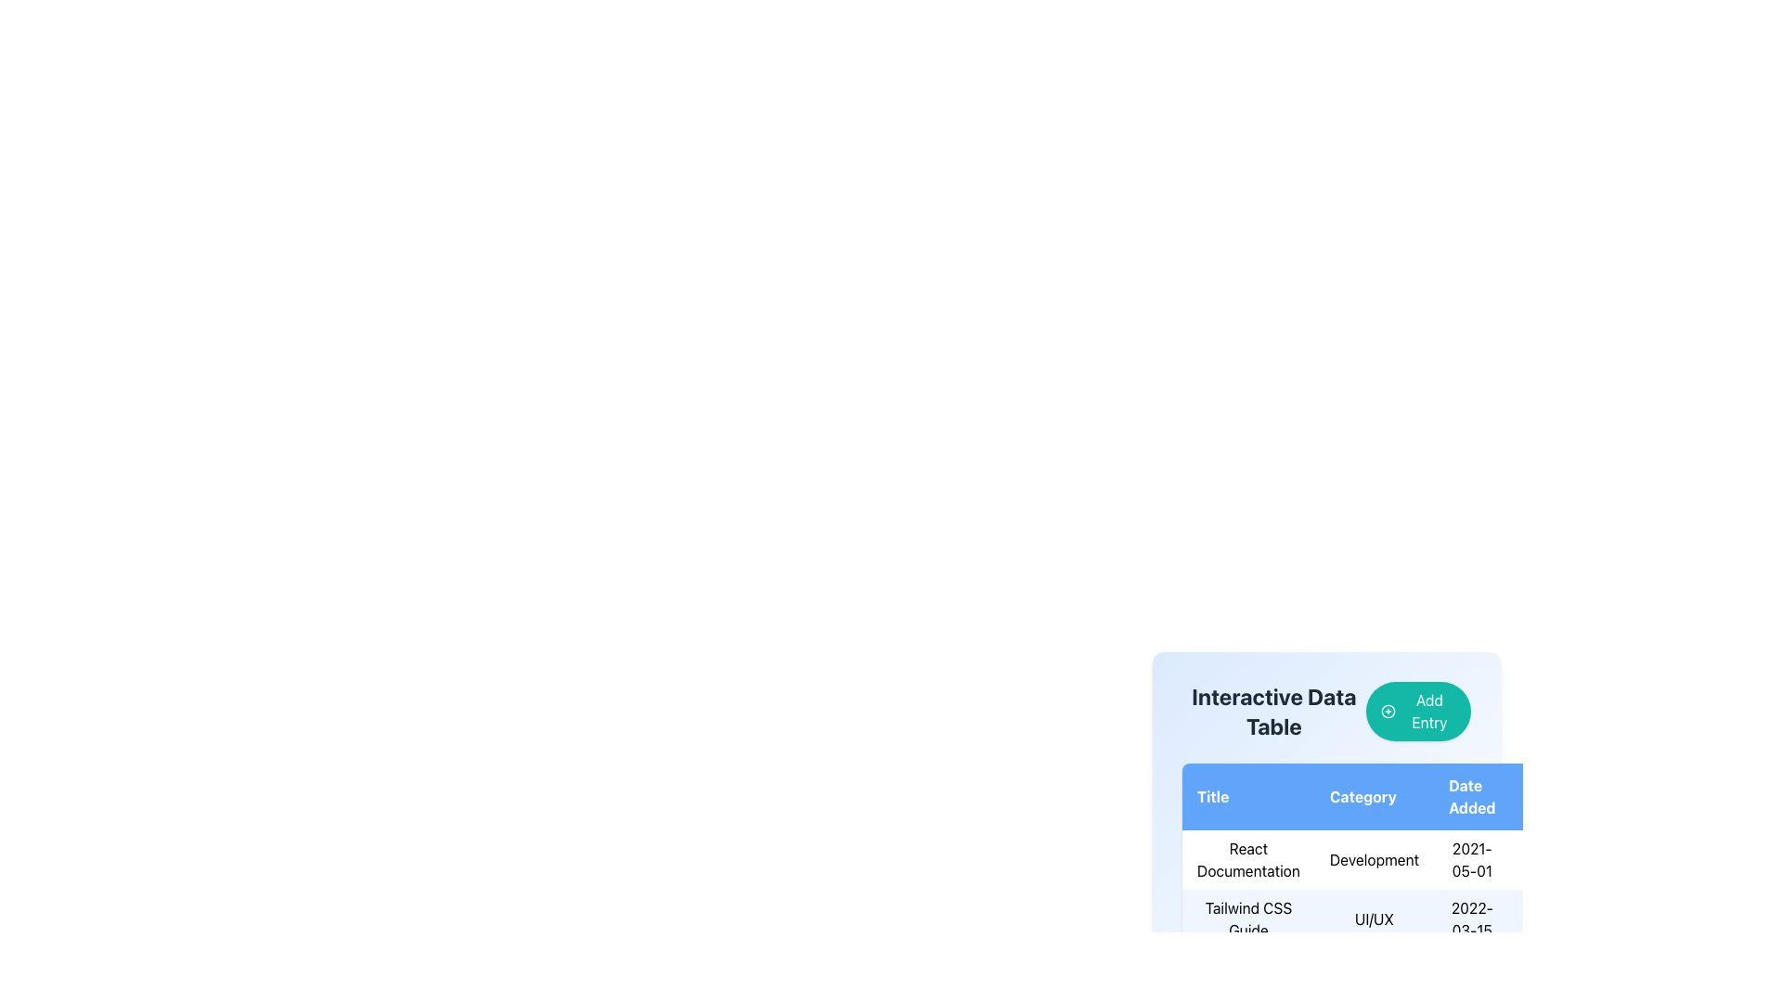  Describe the element at coordinates (1388, 919) in the screenshot. I see `the text label` at that location.